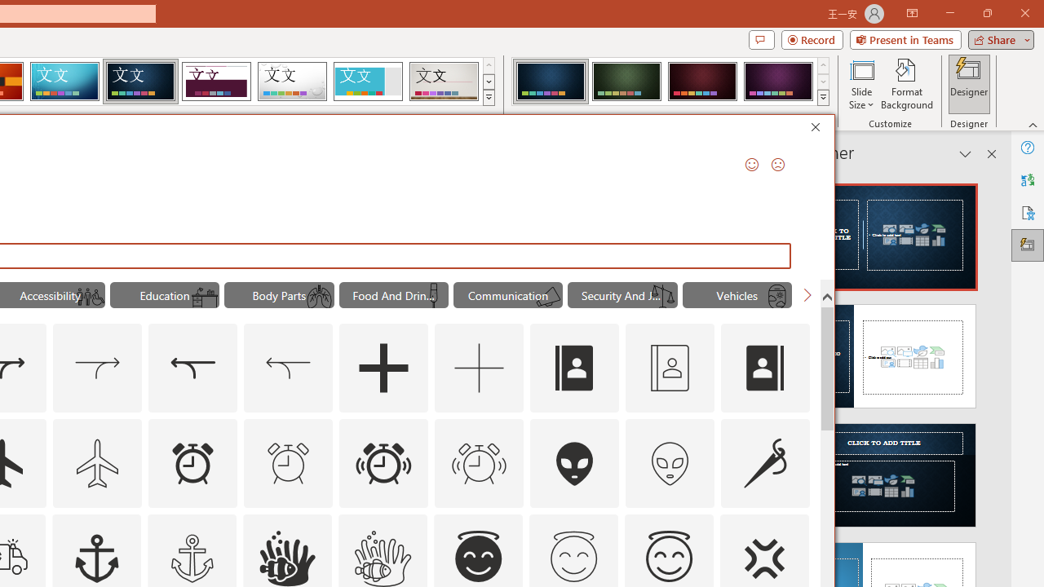 The width and height of the screenshot is (1044, 587). What do you see at coordinates (383, 369) in the screenshot?
I see `'AutomationID: Icons_Add'` at bounding box center [383, 369].